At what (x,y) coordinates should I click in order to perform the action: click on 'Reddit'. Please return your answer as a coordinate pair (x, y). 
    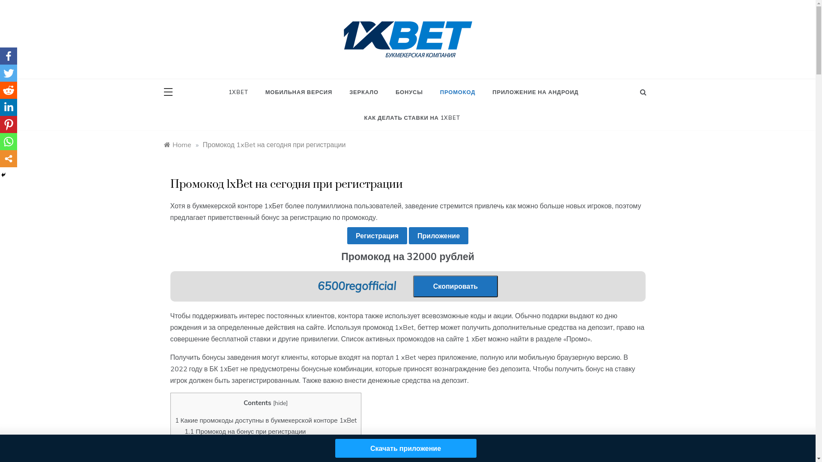
    Looking at the image, I should click on (0, 90).